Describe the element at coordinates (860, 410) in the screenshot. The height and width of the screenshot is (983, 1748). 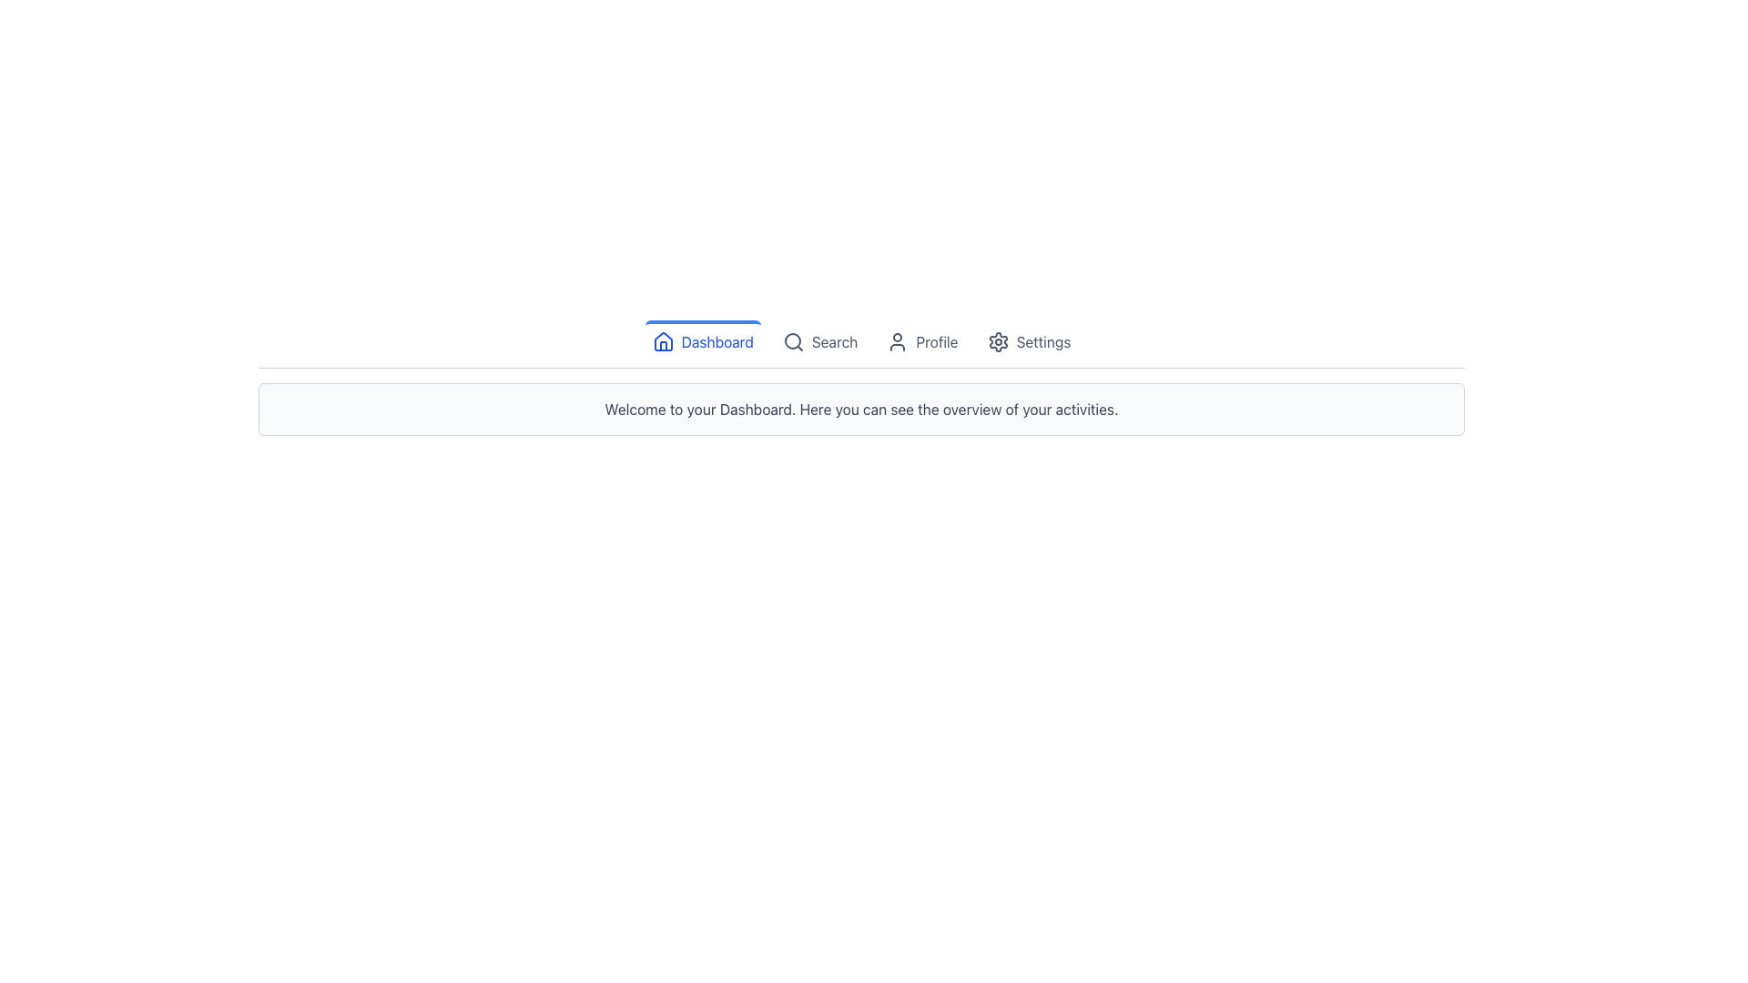
I see `text displayed in the Text Display Box that says 'Welcome to your Dashboard. Here you can see the overview of your activities.'` at that location.